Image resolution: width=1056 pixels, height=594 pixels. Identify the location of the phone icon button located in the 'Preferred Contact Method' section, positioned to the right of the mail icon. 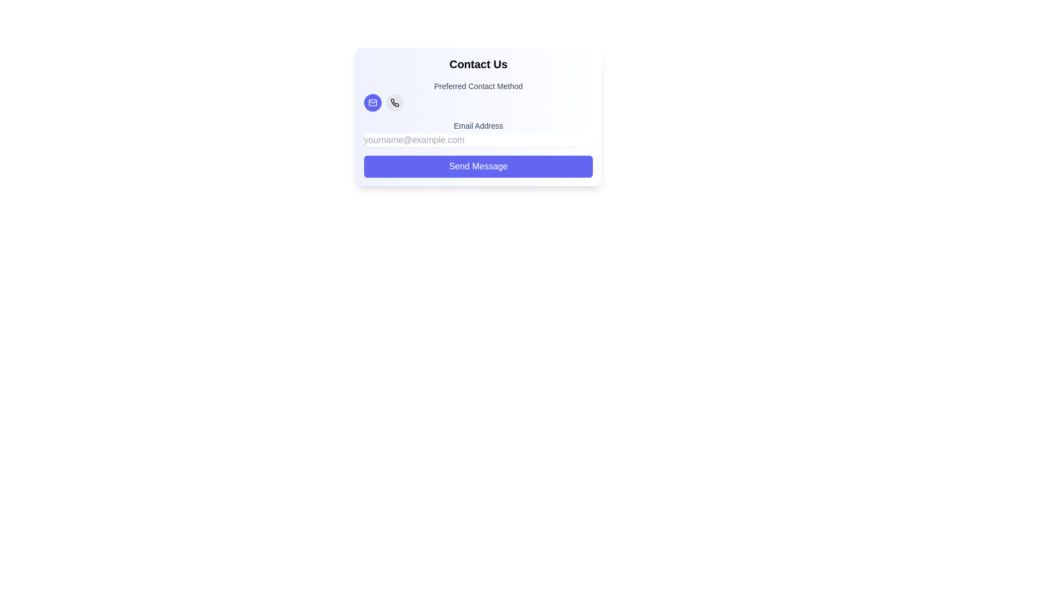
(395, 102).